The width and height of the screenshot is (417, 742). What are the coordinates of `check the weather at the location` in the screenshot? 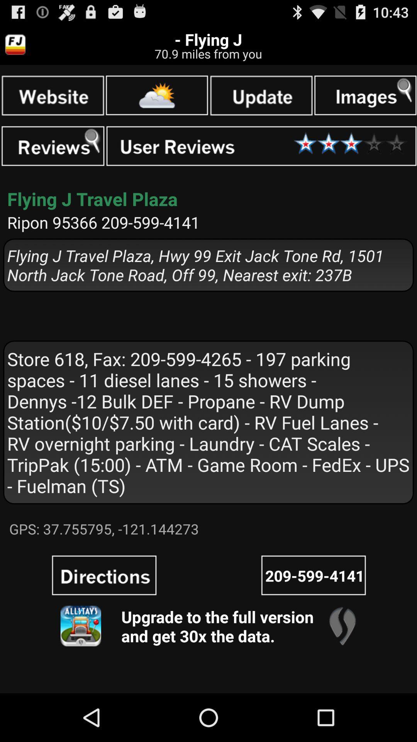 It's located at (156, 95).